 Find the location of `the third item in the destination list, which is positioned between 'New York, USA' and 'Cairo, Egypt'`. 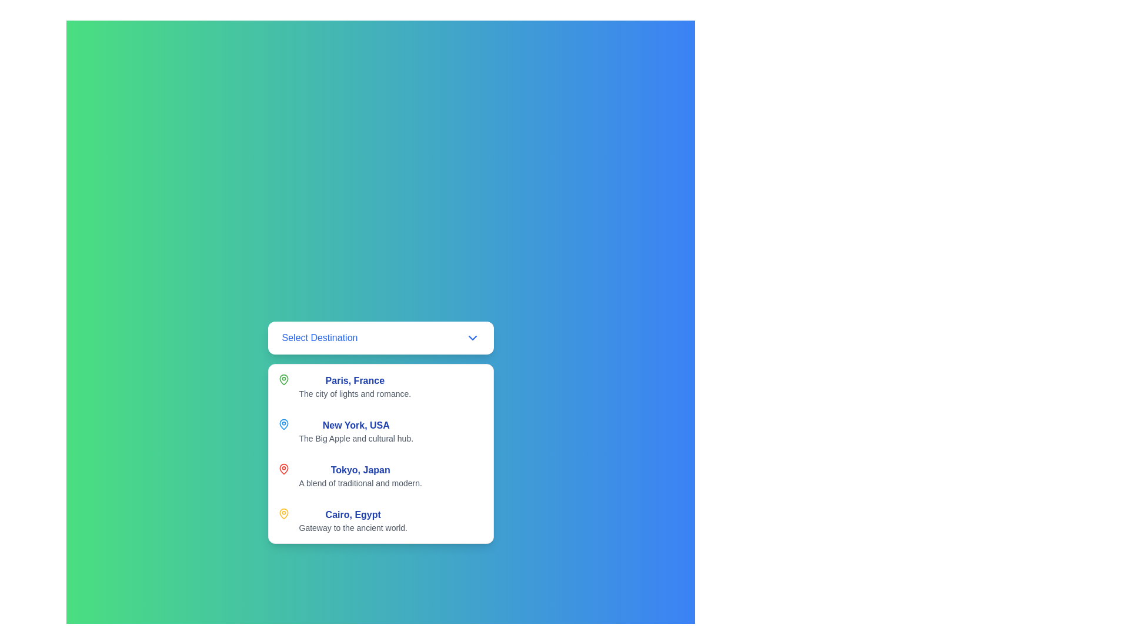

the third item in the destination list, which is positioned between 'New York, USA' and 'Cairo, Egypt' is located at coordinates (380, 476).